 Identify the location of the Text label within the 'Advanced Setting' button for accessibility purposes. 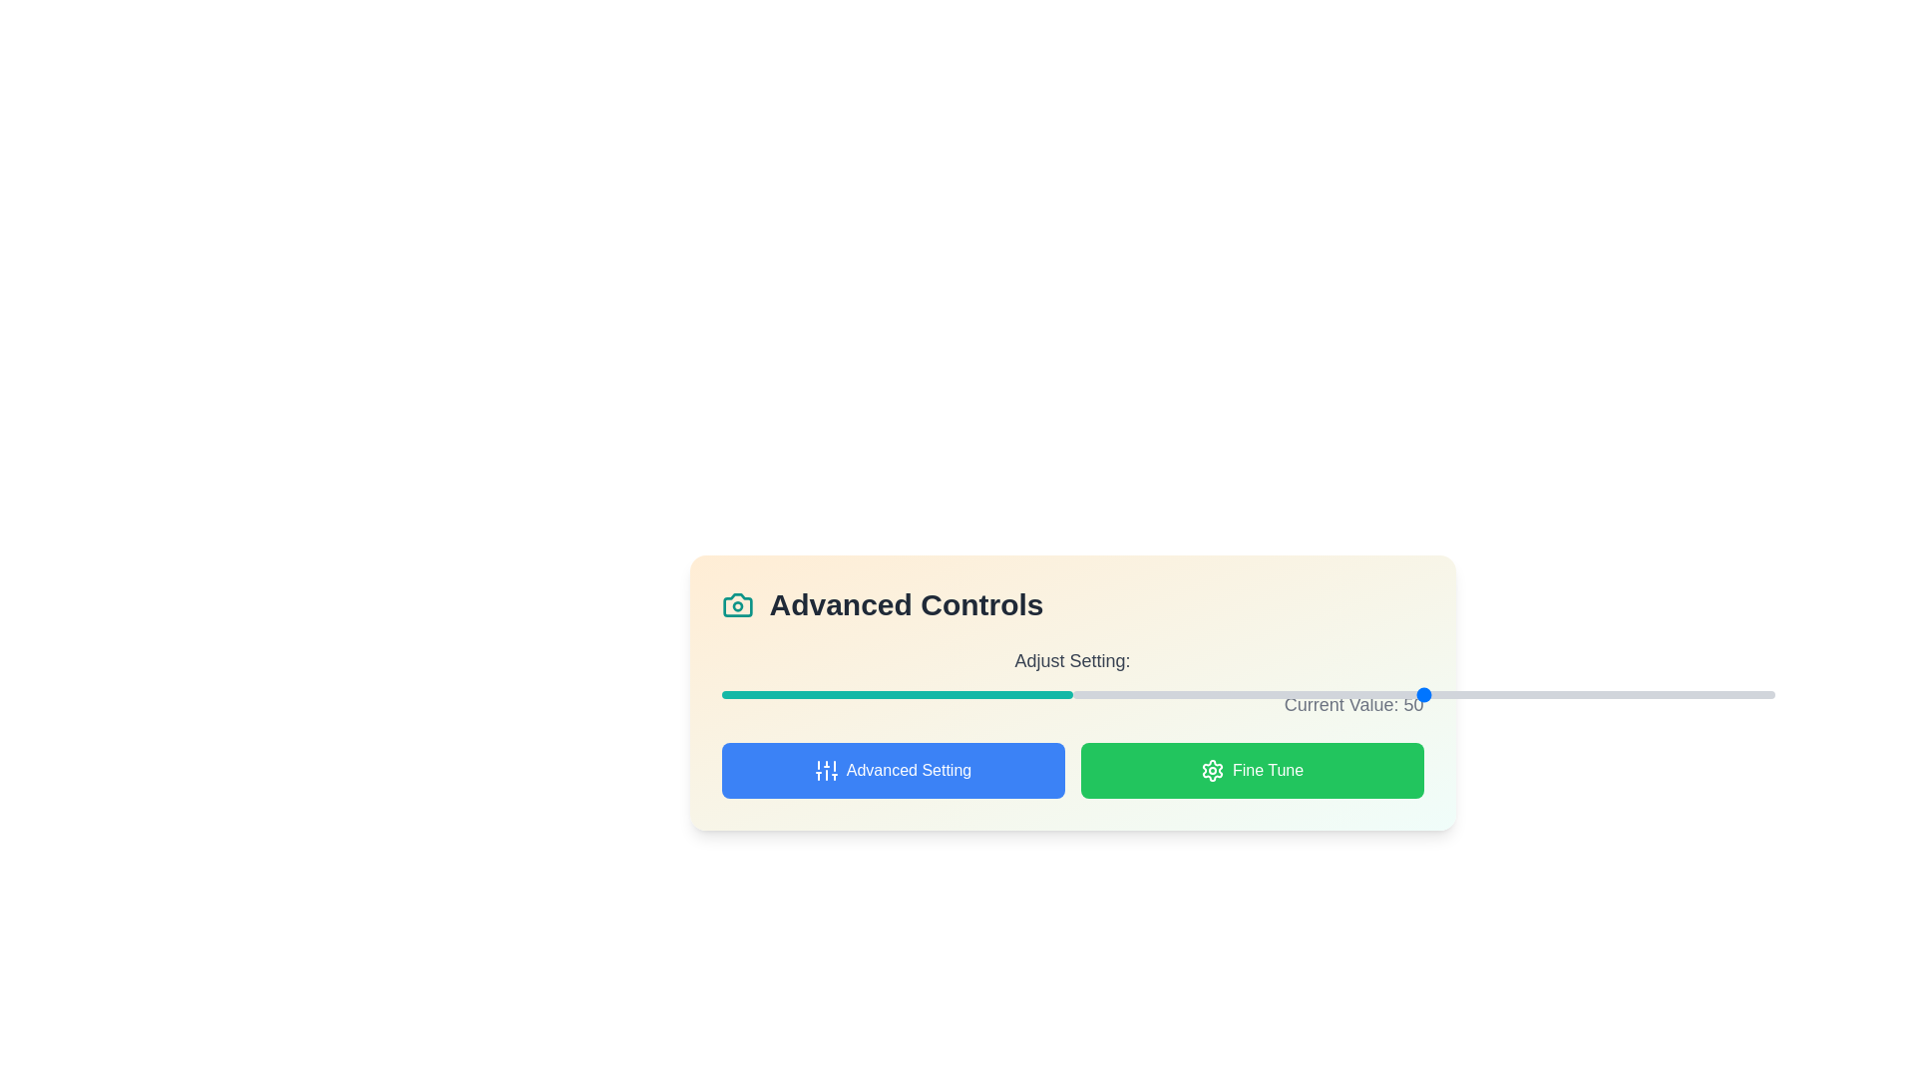
(908, 769).